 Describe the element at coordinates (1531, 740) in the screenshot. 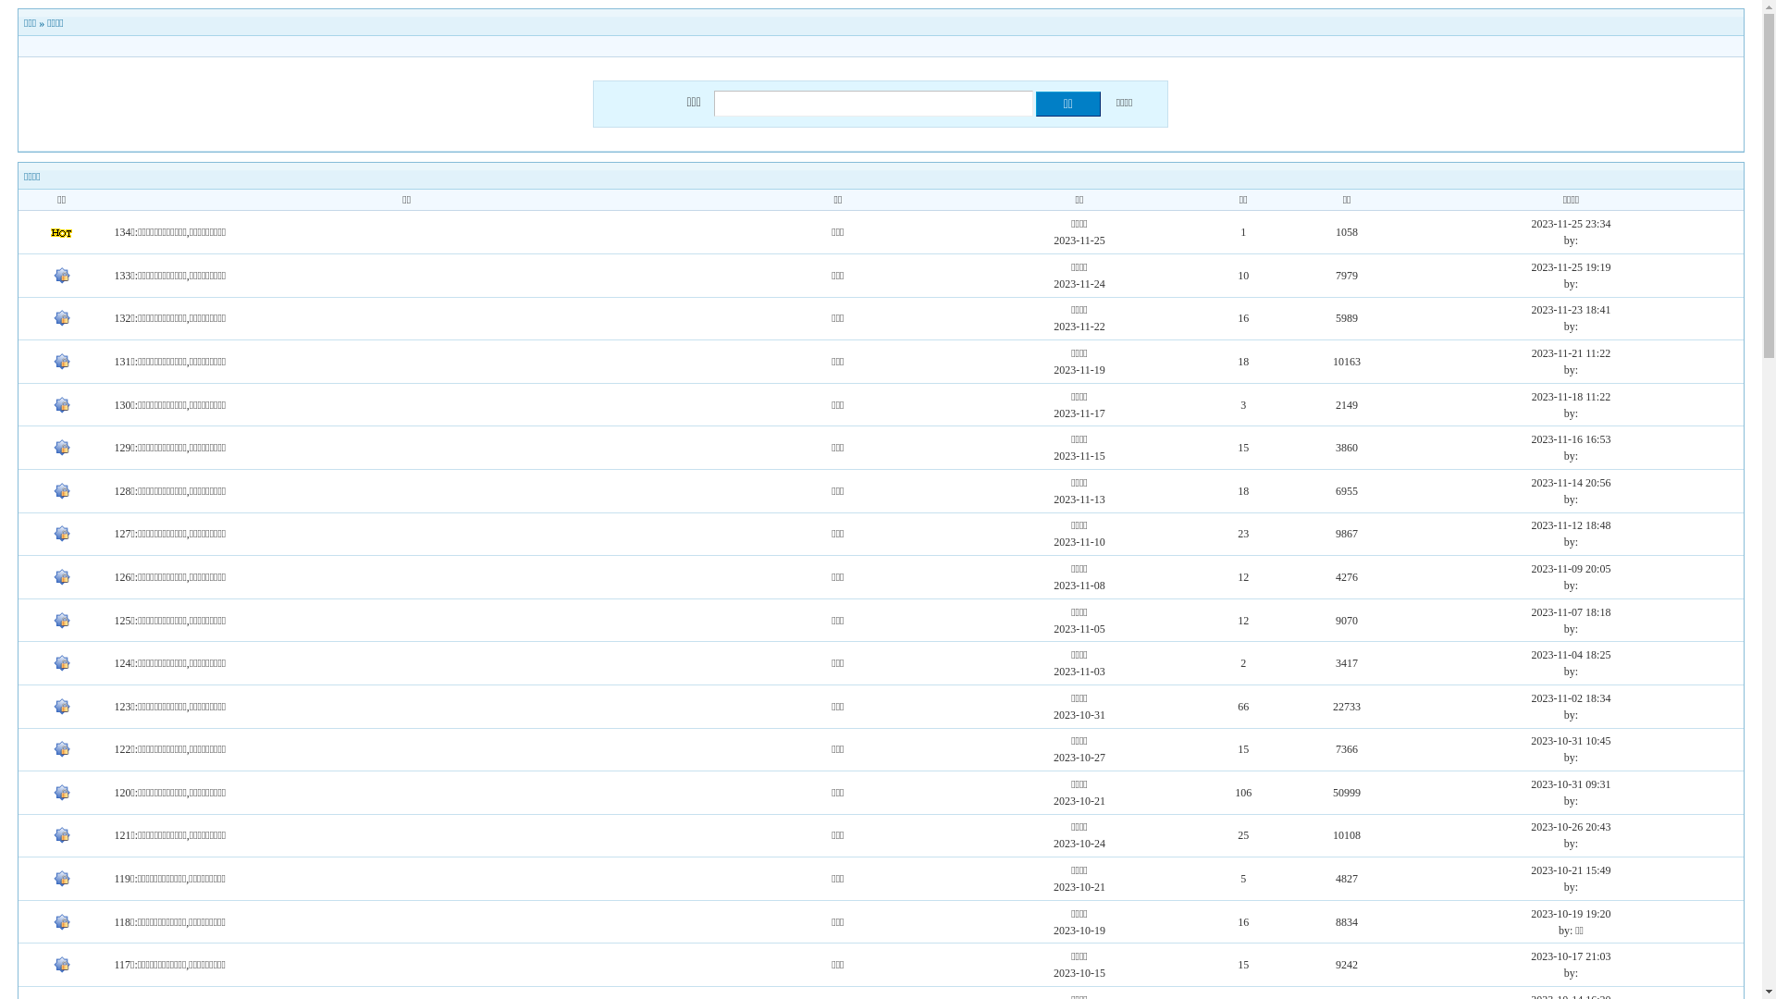

I see `'2023-10-31 10:45'` at that location.